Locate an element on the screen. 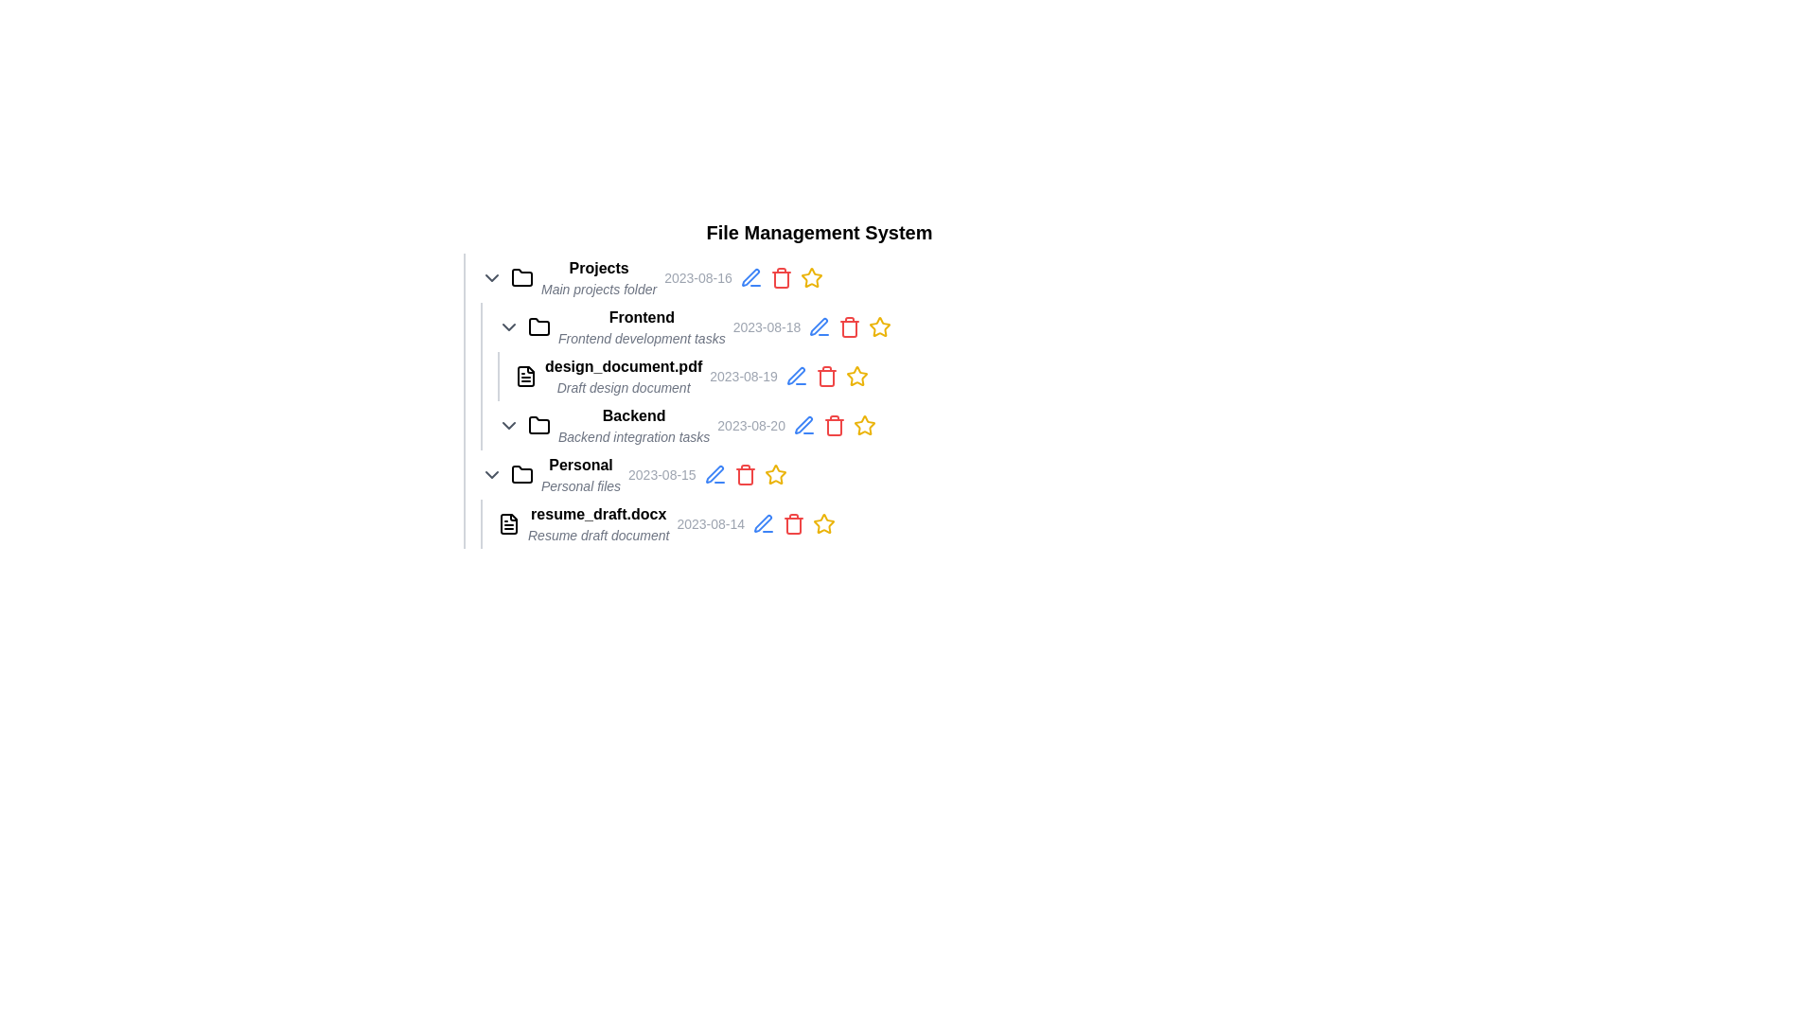  the yellow star icon located at the far right of the 'resume_draft.docx' file entry is located at coordinates (863, 424).